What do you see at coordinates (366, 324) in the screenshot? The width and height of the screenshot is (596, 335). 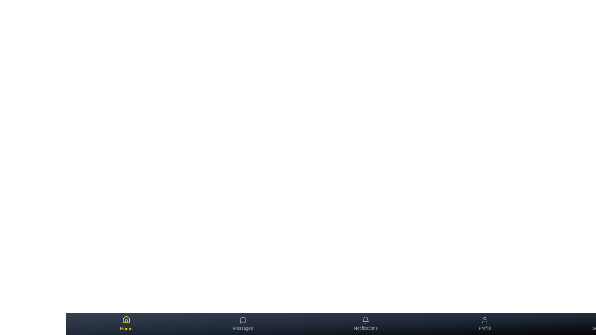 I see `the tab labeled Notifications to view its hover effect` at bounding box center [366, 324].